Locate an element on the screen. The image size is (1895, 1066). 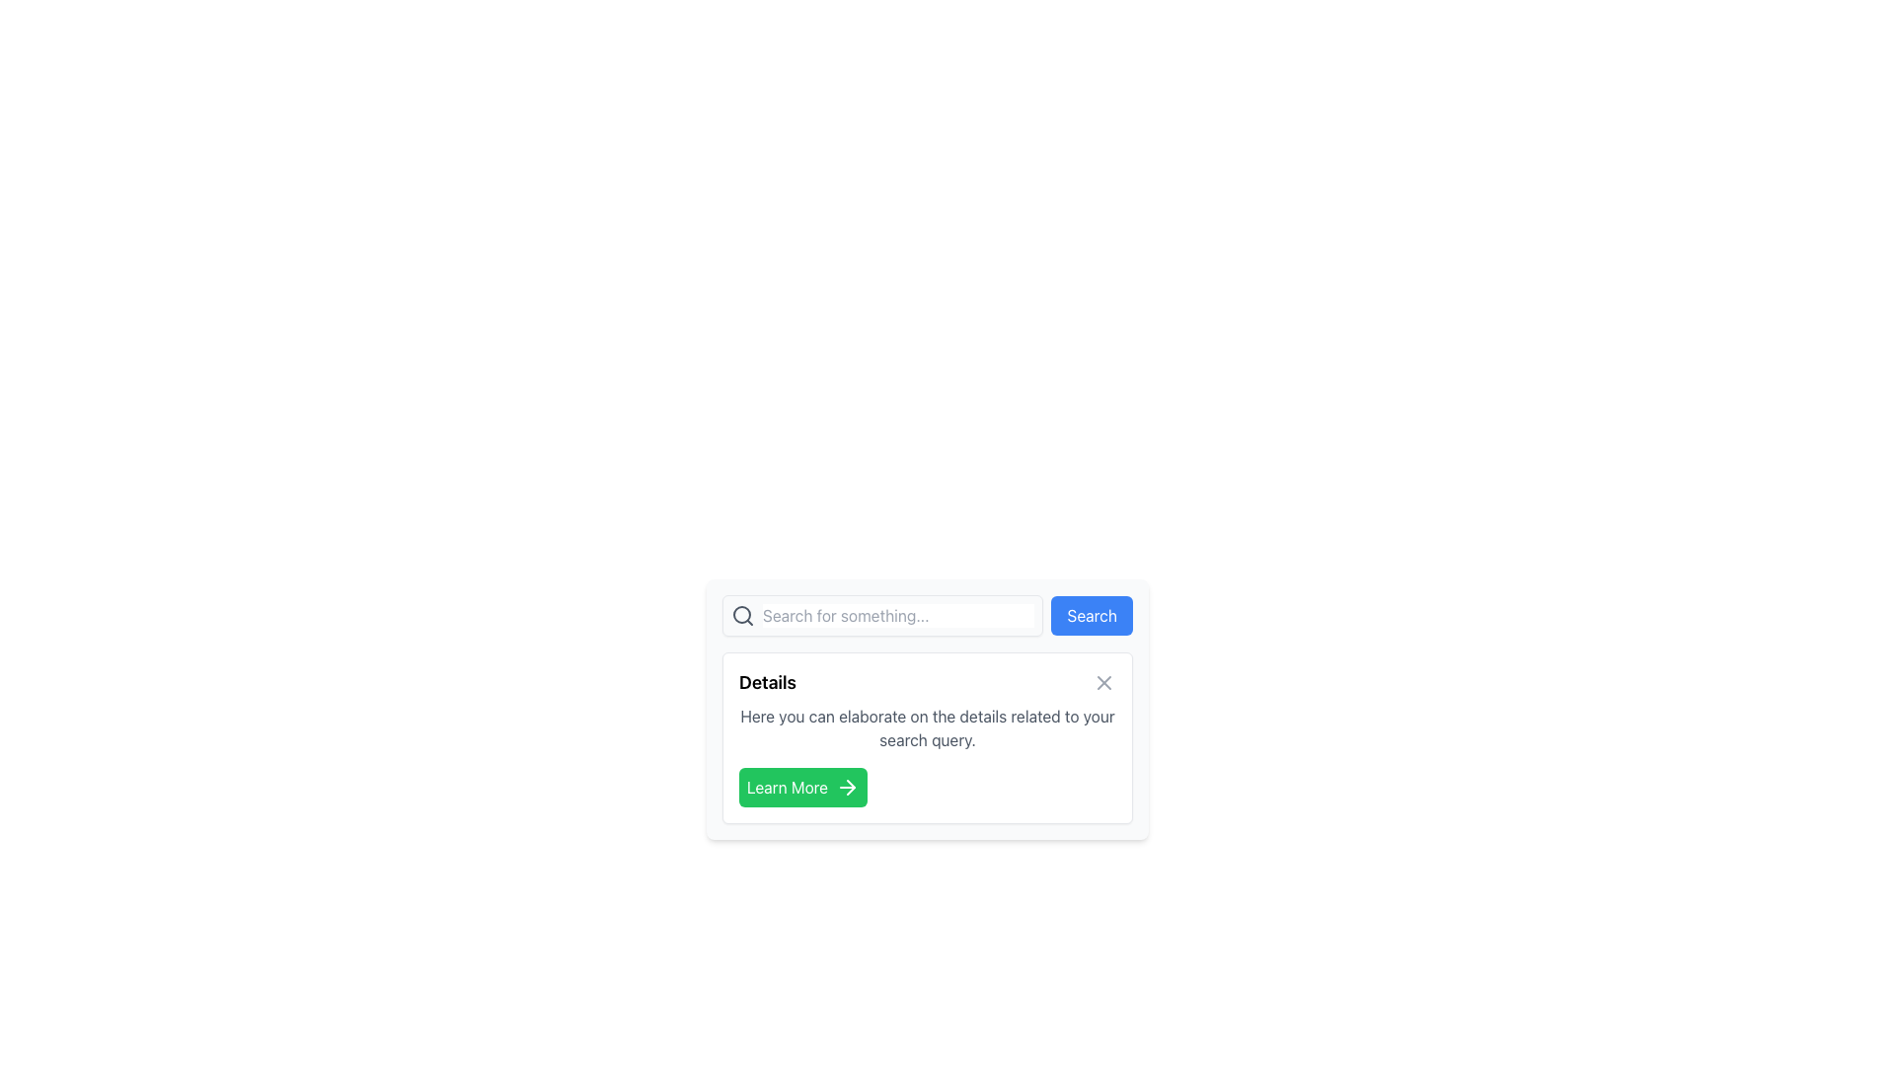
the small gray cross icon in the top-right corner of the 'Details' section on the card, which turns red when hovered is located at coordinates (1102, 681).